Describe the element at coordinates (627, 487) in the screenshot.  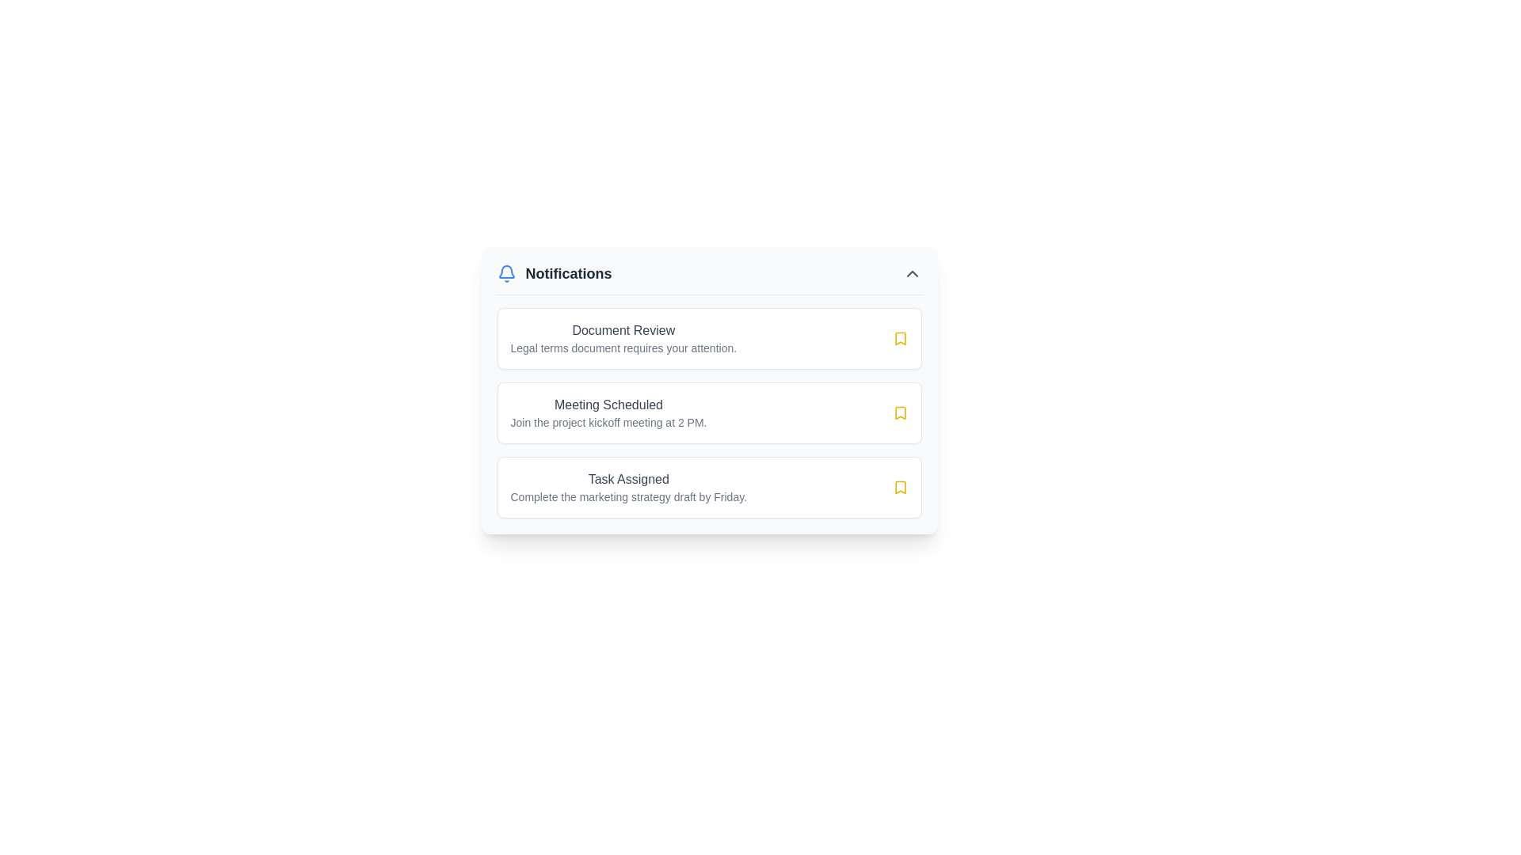
I see `the text block titled 'Task Assigned' that contains the description 'Complete the marketing strategy draft by Friday.' in the Notifications section` at that location.